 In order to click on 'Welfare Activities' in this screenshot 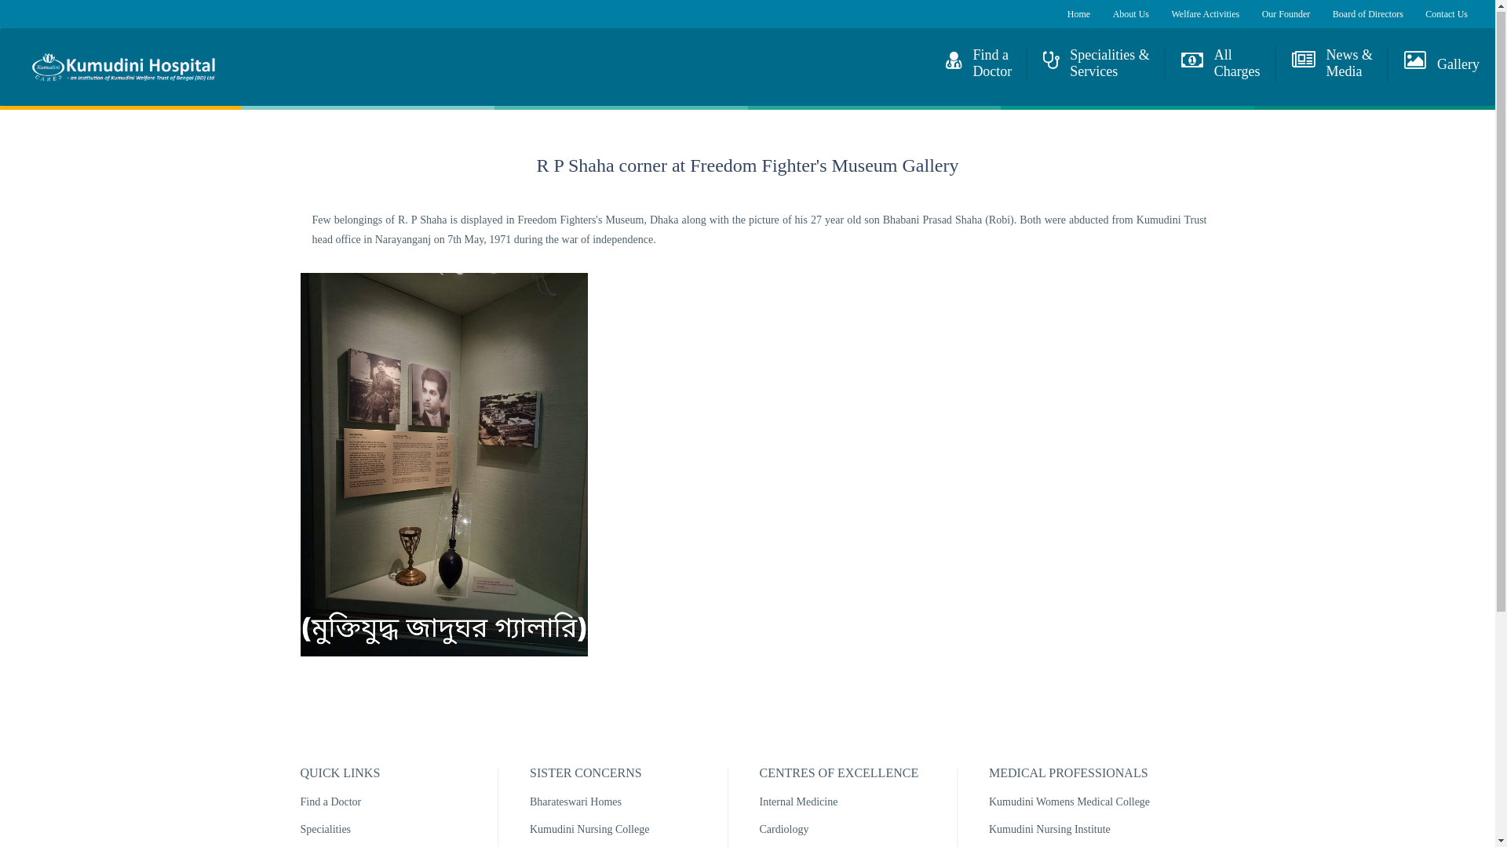, I will do `click(1204, 15)`.